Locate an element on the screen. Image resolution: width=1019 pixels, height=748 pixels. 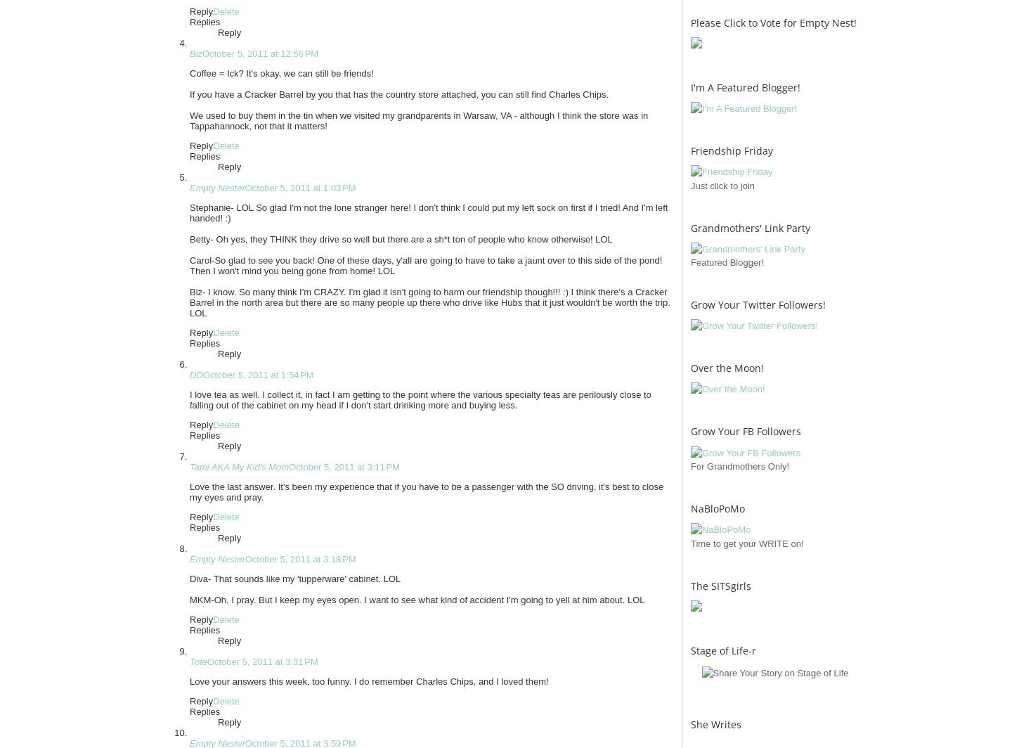
'MKM-Oh, I pray. But I keep my eyes open. I want to see what kind of accident I'm going to yell at him about. LOL' is located at coordinates (417, 600).